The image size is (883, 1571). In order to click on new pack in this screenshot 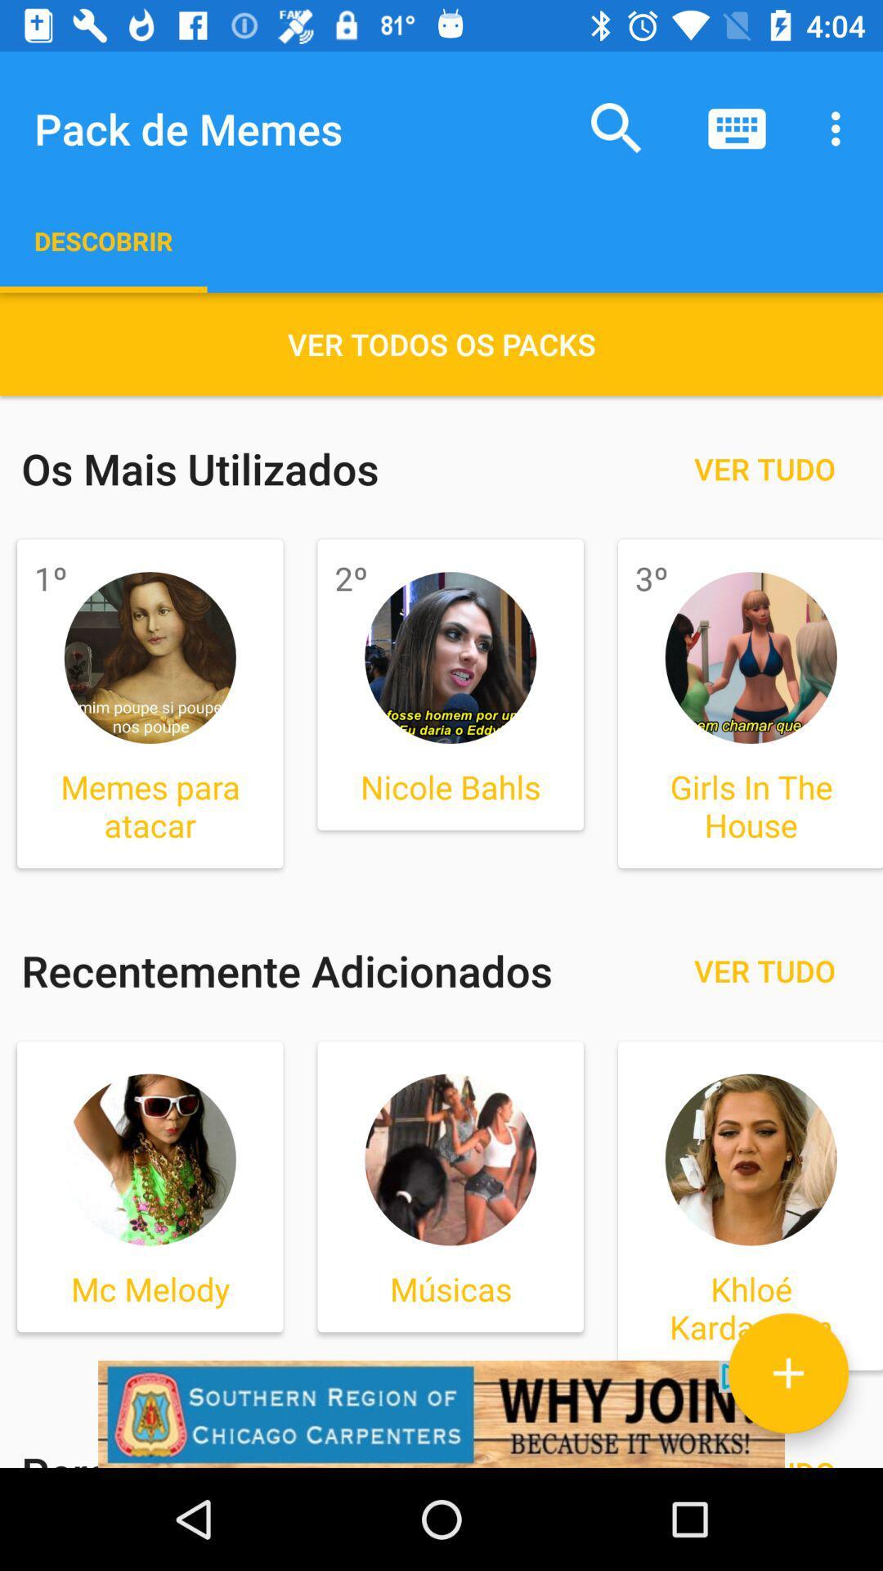, I will do `click(787, 1373)`.